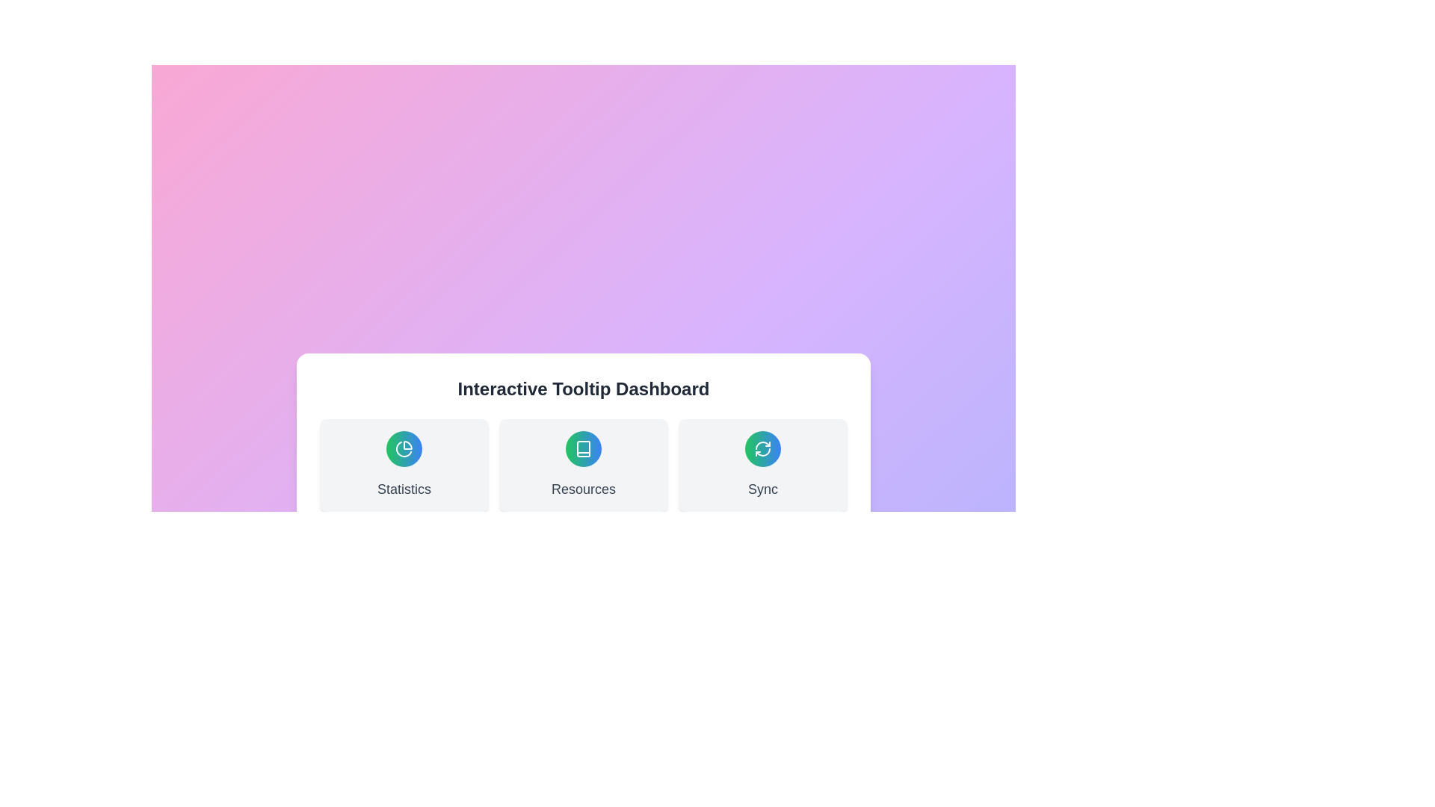 The image size is (1435, 807). What do you see at coordinates (583, 489) in the screenshot?
I see `the static text label located in the second card of a horizontally aligned group, which provides access to resources like tutorials or documentation` at bounding box center [583, 489].